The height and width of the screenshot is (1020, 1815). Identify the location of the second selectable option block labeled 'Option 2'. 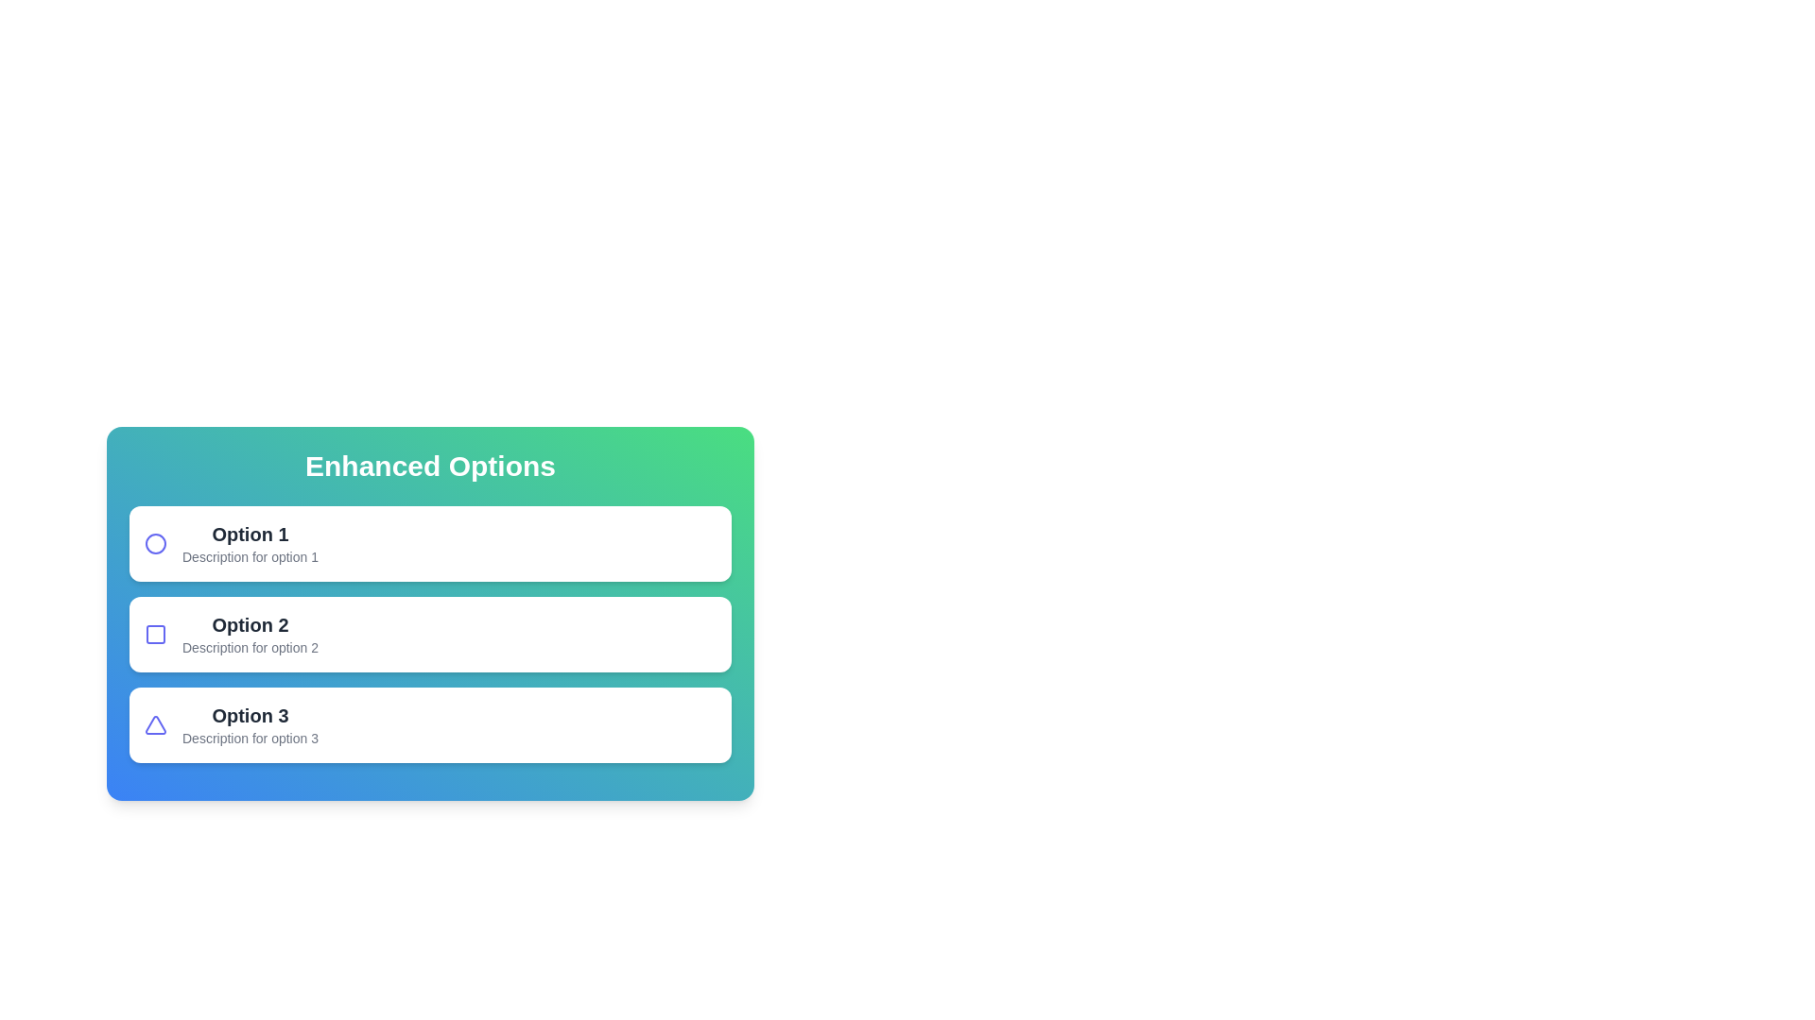
(429, 634).